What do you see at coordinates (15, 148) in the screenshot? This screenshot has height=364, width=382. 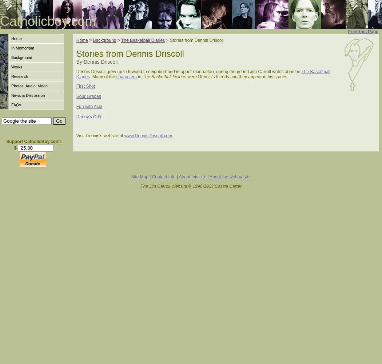 I see `'$'` at bounding box center [15, 148].